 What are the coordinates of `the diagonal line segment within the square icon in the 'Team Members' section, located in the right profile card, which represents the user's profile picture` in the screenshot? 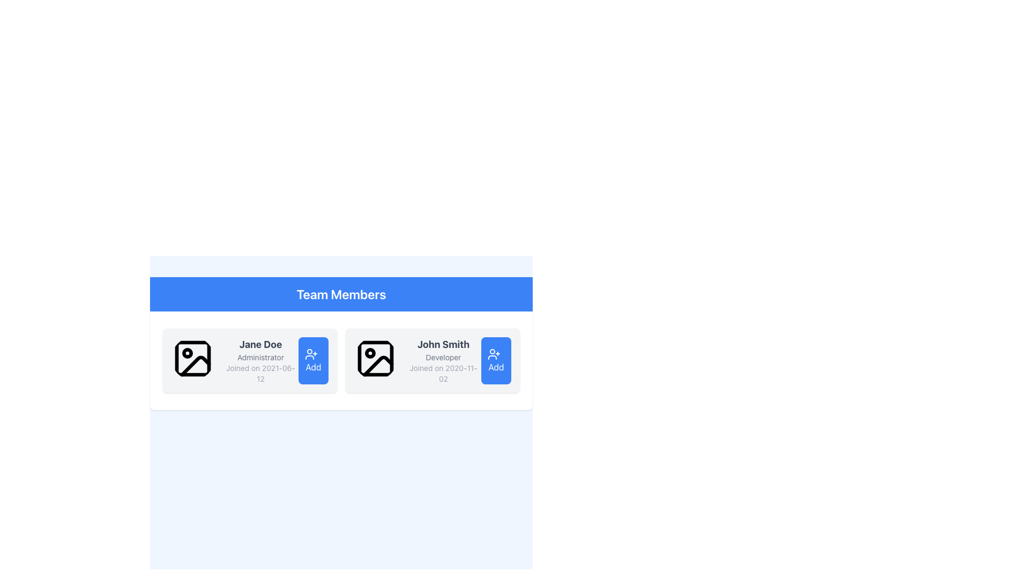 It's located at (378, 365).